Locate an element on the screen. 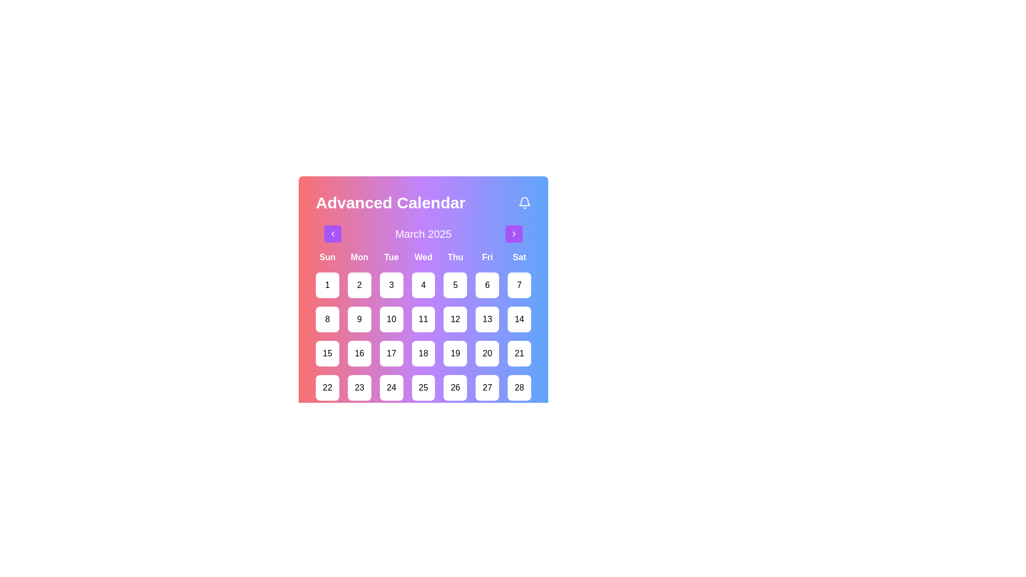  the bell icon located in the header section of the 'Advanced Calendar' interface is located at coordinates (525, 203).